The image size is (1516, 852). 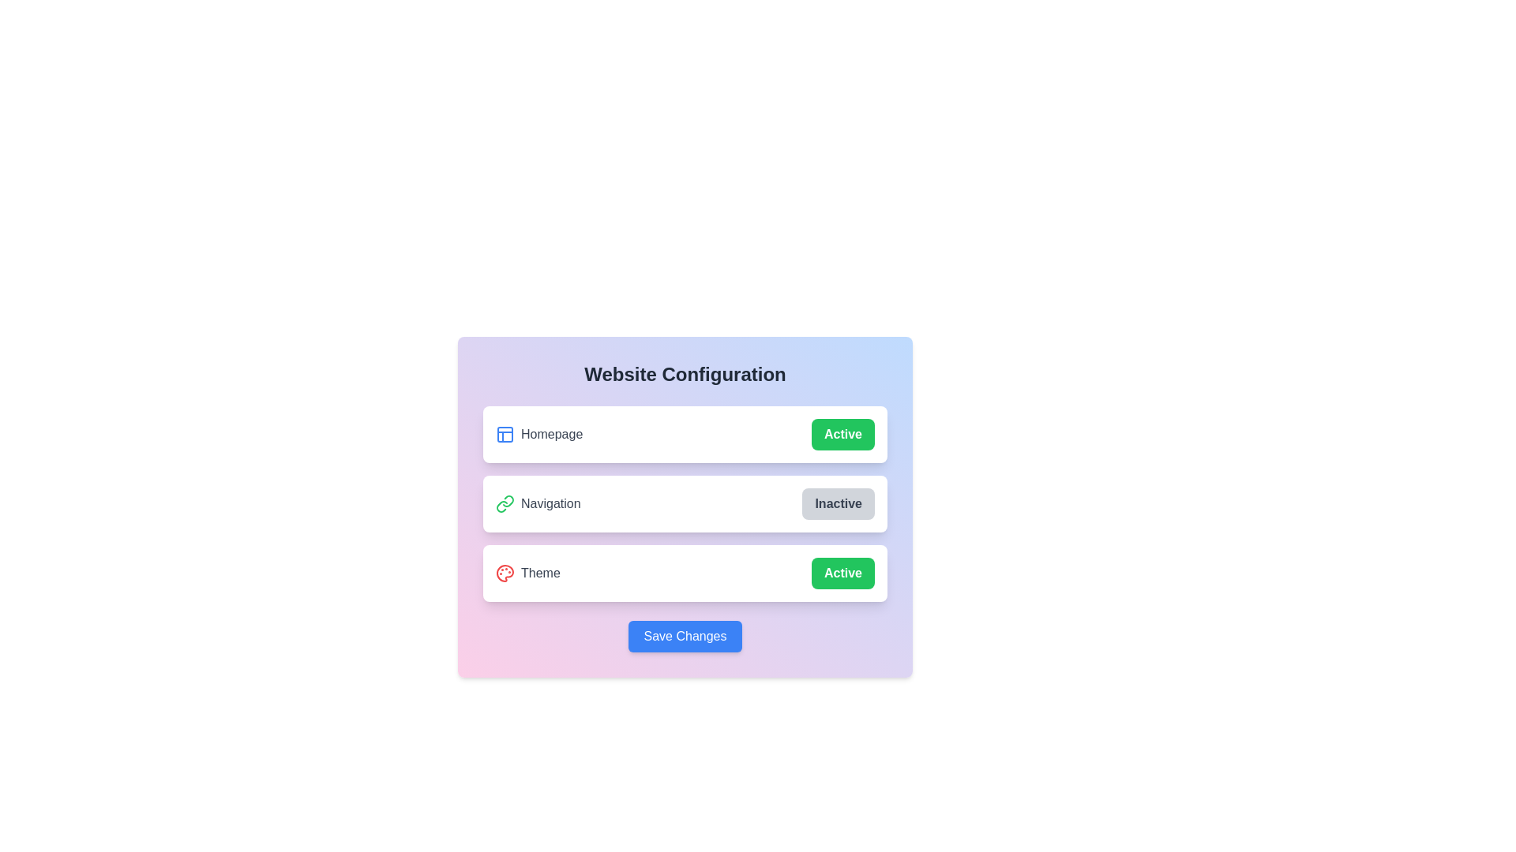 I want to click on the icon representing Theme to focus or select it, so click(x=504, y=573).